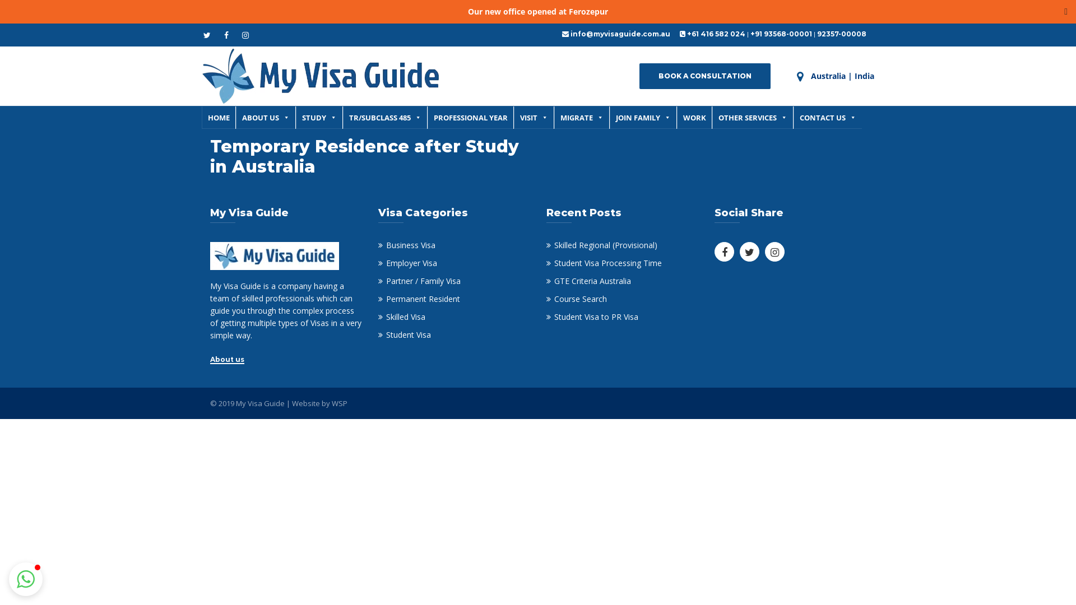  I want to click on 'Skilled Regional (Provisional)', so click(546, 244).